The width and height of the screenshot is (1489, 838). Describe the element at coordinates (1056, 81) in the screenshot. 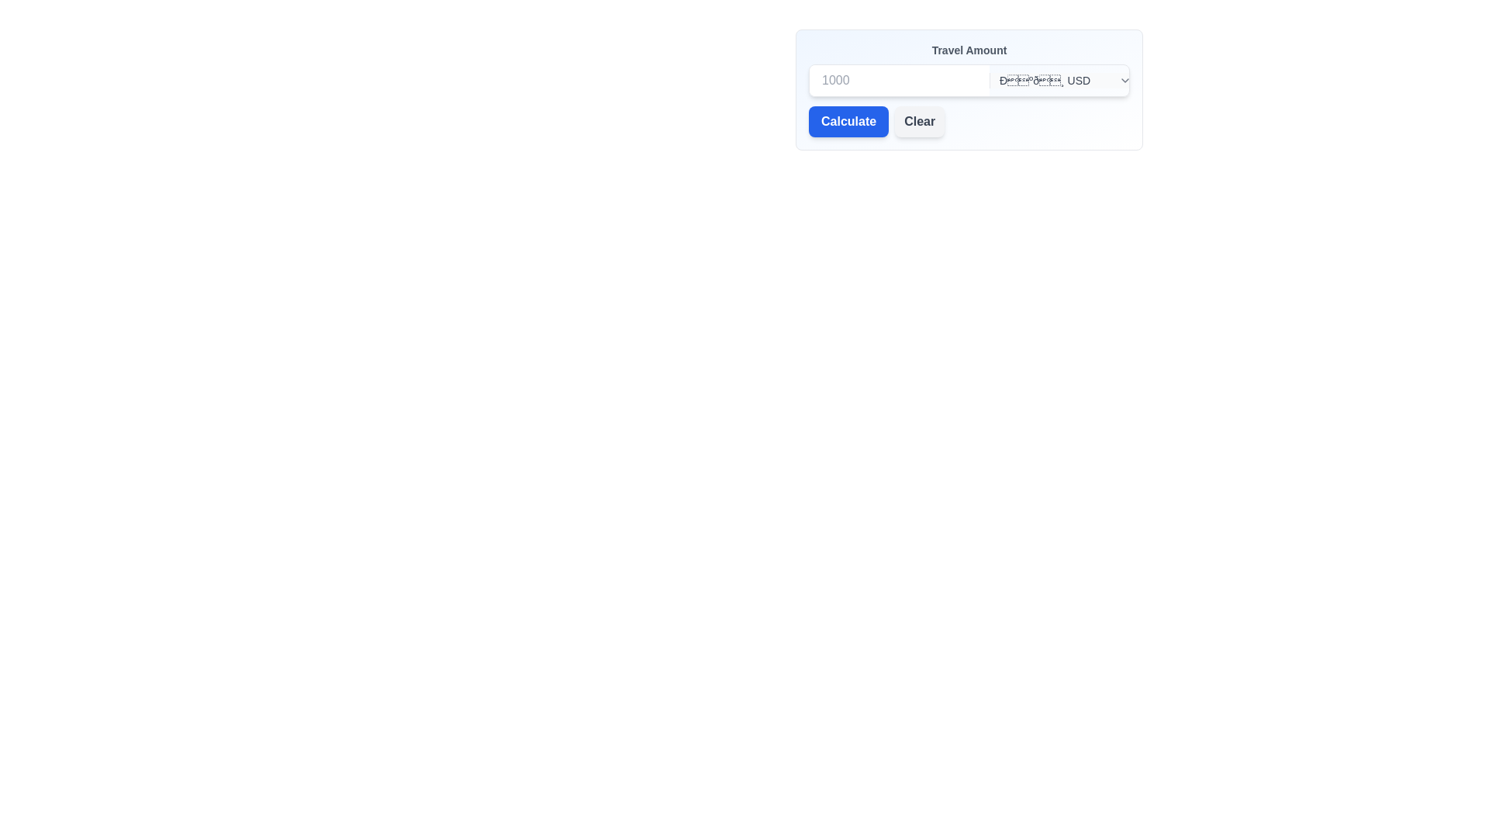

I see `an option from the expanded currency dropdown menu located in the top-right portion of the 'Travel Amount' form` at that location.